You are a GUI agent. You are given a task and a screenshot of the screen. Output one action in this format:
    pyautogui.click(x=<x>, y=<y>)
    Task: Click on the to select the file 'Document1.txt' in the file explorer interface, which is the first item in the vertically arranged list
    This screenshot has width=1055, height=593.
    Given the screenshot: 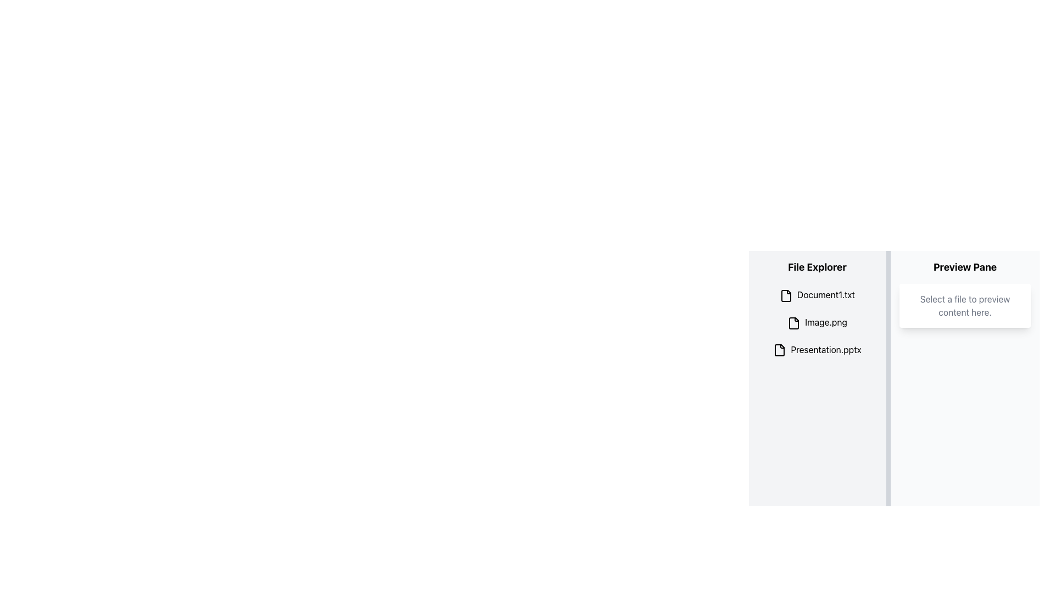 What is the action you would take?
    pyautogui.click(x=817, y=294)
    